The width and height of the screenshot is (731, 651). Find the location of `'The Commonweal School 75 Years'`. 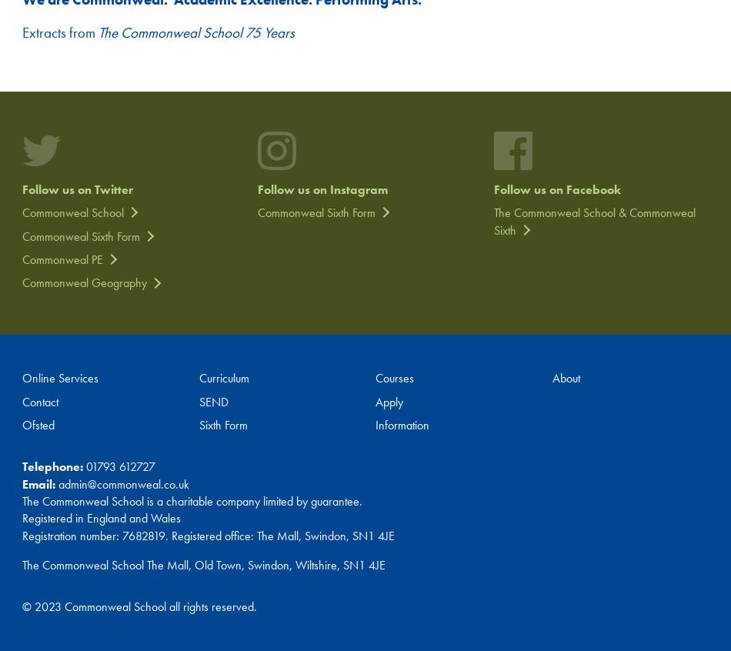

'The Commonweal School 75 Years' is located at coordinates (195, 31).